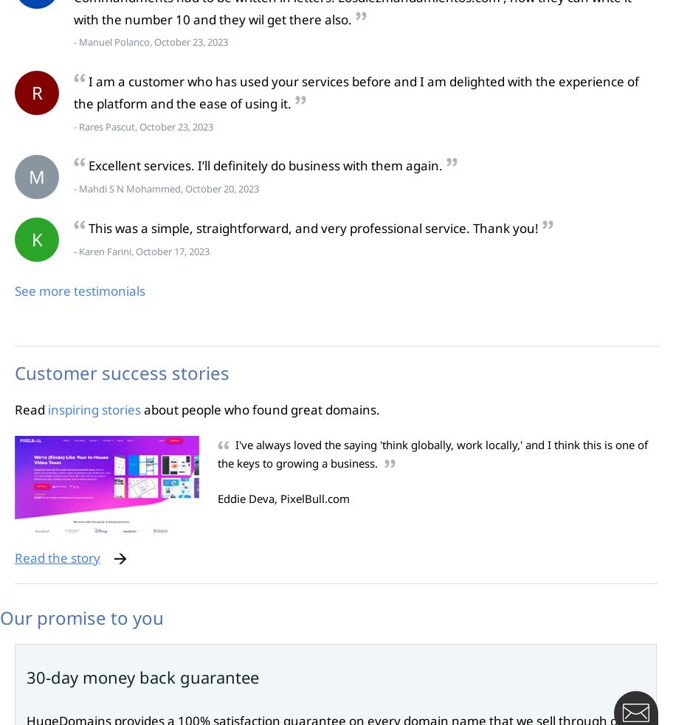  What do you see at coordinates (88, 228) in the screenshot?
I see `'This was a simple, straightforward, and very professional service. Thank you!'` at bounding box center [88, 228].